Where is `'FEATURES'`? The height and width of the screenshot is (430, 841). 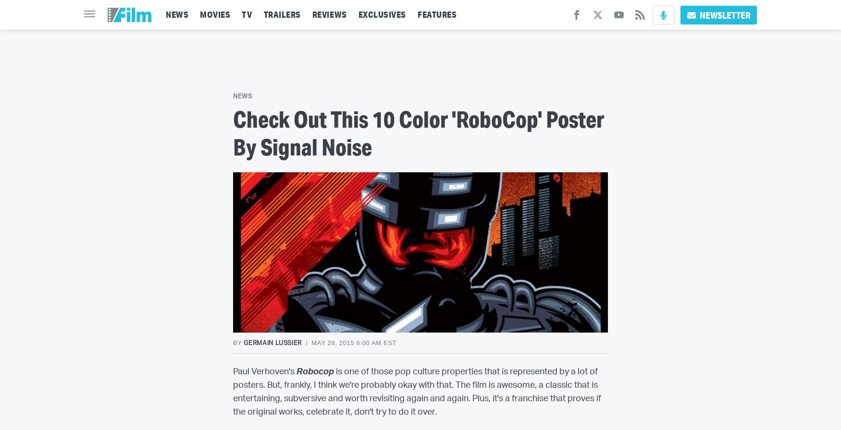
'FEATURES' is located at coordinates (436, 14).